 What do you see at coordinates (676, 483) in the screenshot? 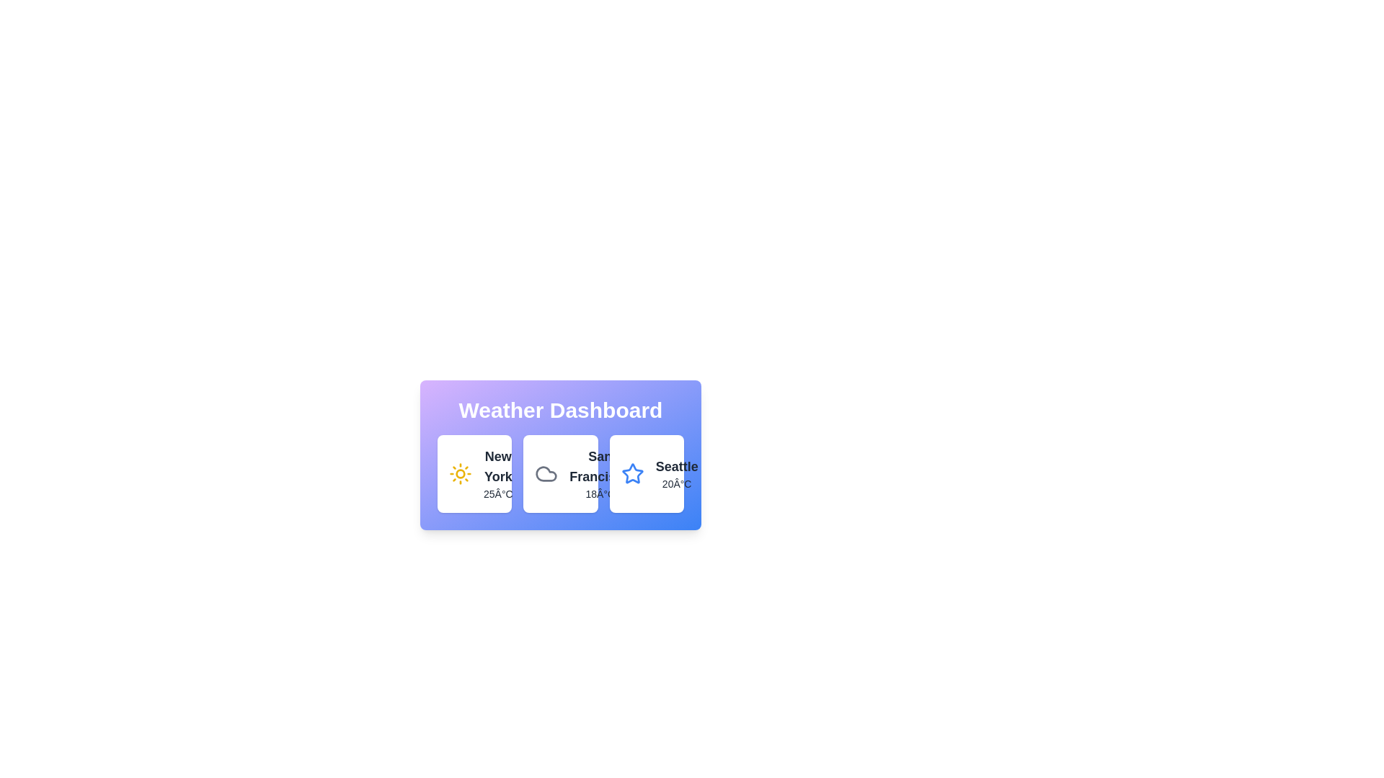
I see `the text label displaying the current temperature for Seattle, which shows '20°C' at the bottom of the weather information card` at bounding box center [676, 483].